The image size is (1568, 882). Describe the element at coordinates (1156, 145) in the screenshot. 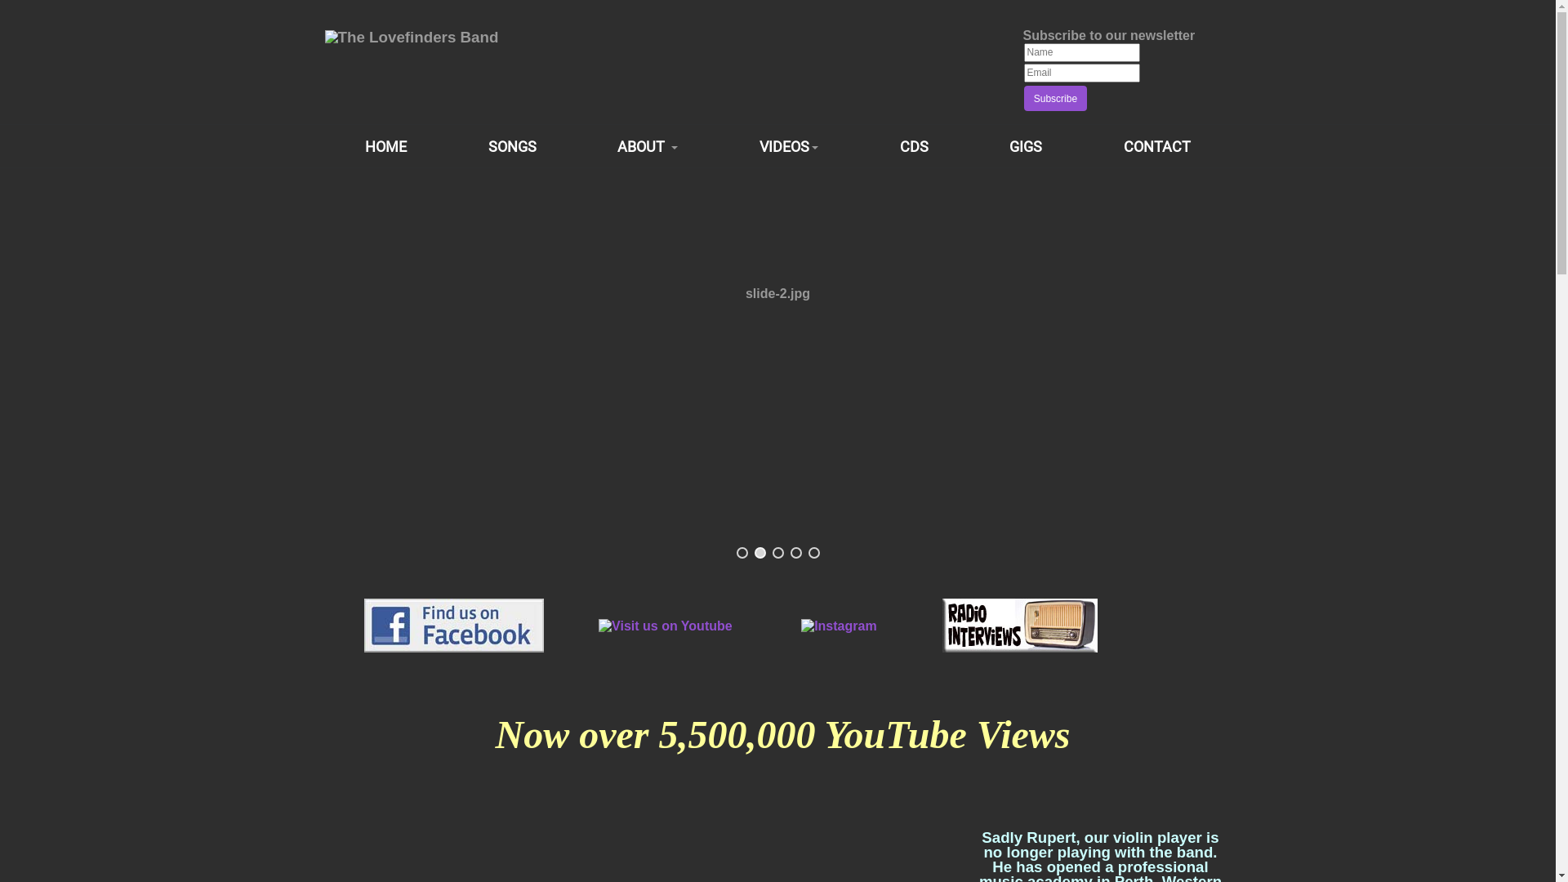

I see `'CONTACT'` at that location.